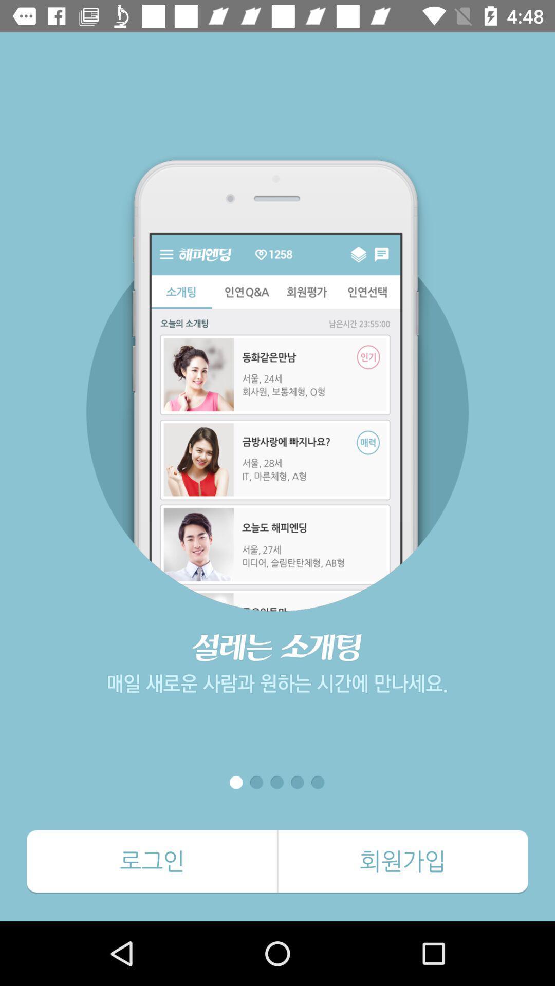  Describe the element at coordinates (402, 862) in the screenshot. I see `the icon at the bottom right corner` at that location.